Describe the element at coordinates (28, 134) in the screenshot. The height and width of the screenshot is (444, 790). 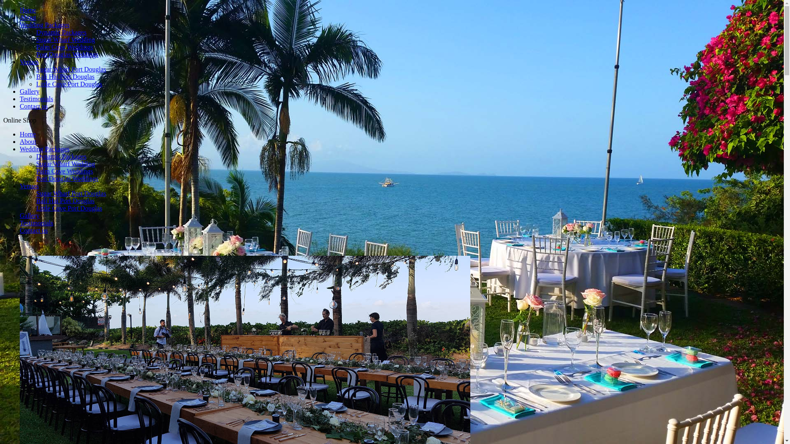
I see `'Home'` at that location.